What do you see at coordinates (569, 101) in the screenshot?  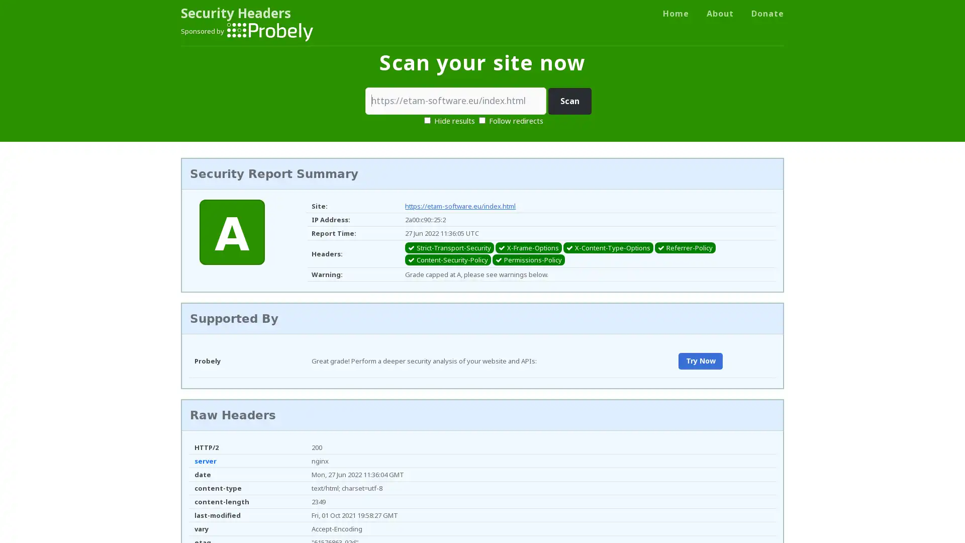 I see `Scan` at bounding box center [569, 101].